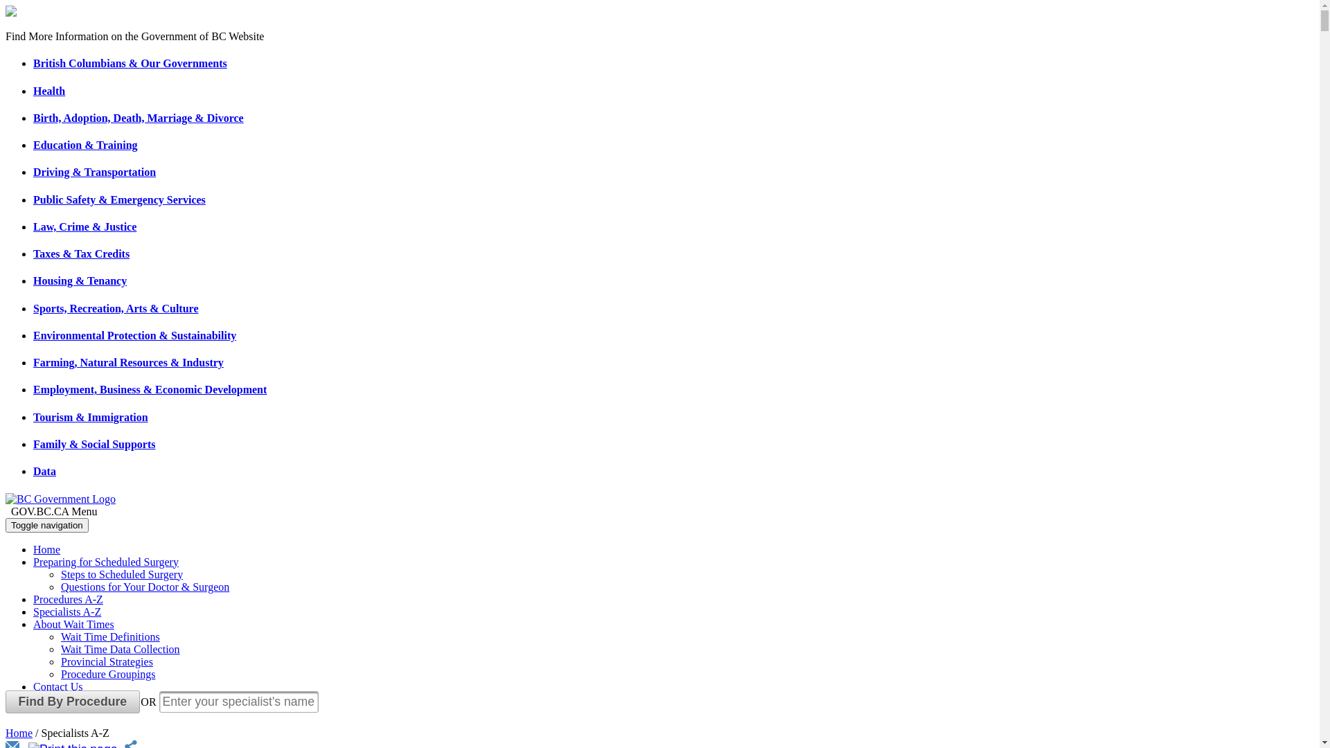  What do you see at coordinates (105, 562) in the screenshot?
I see `'Preparing for Scheduled Surgery'` at bounding box center [105, 562].